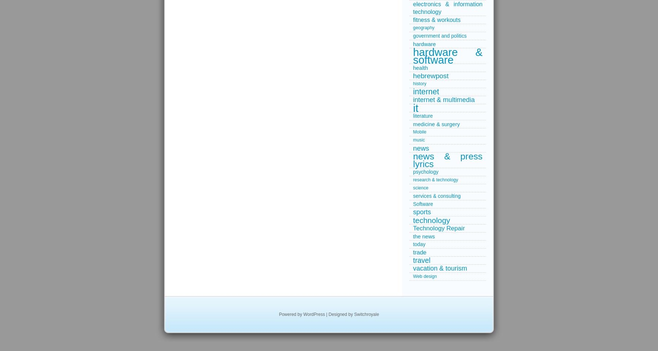 The width and height of the screenshot is (658, 351). I want to click on 'WordPress', so click(314, 314).